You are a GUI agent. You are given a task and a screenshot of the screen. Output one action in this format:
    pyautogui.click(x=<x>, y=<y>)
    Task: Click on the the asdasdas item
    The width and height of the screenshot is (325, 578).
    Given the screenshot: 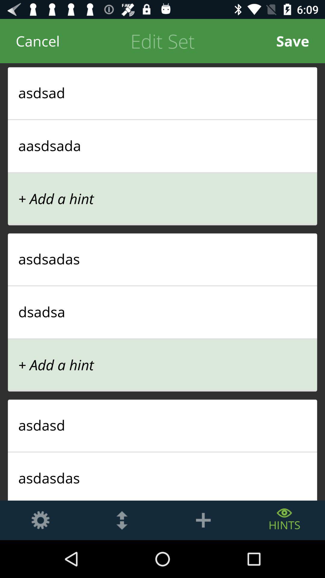 What is the action you would take?
    pyautogui.click(x=162, y=477)
    